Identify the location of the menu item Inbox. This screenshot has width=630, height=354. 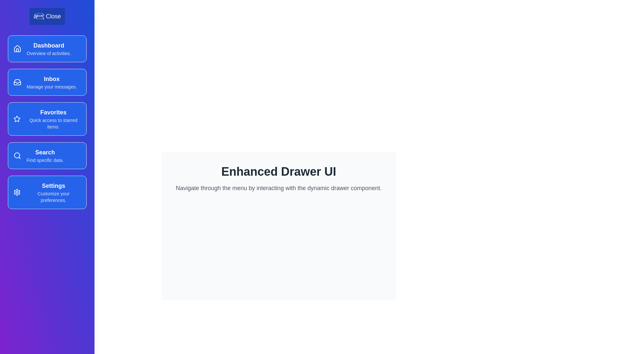
(47, 82).